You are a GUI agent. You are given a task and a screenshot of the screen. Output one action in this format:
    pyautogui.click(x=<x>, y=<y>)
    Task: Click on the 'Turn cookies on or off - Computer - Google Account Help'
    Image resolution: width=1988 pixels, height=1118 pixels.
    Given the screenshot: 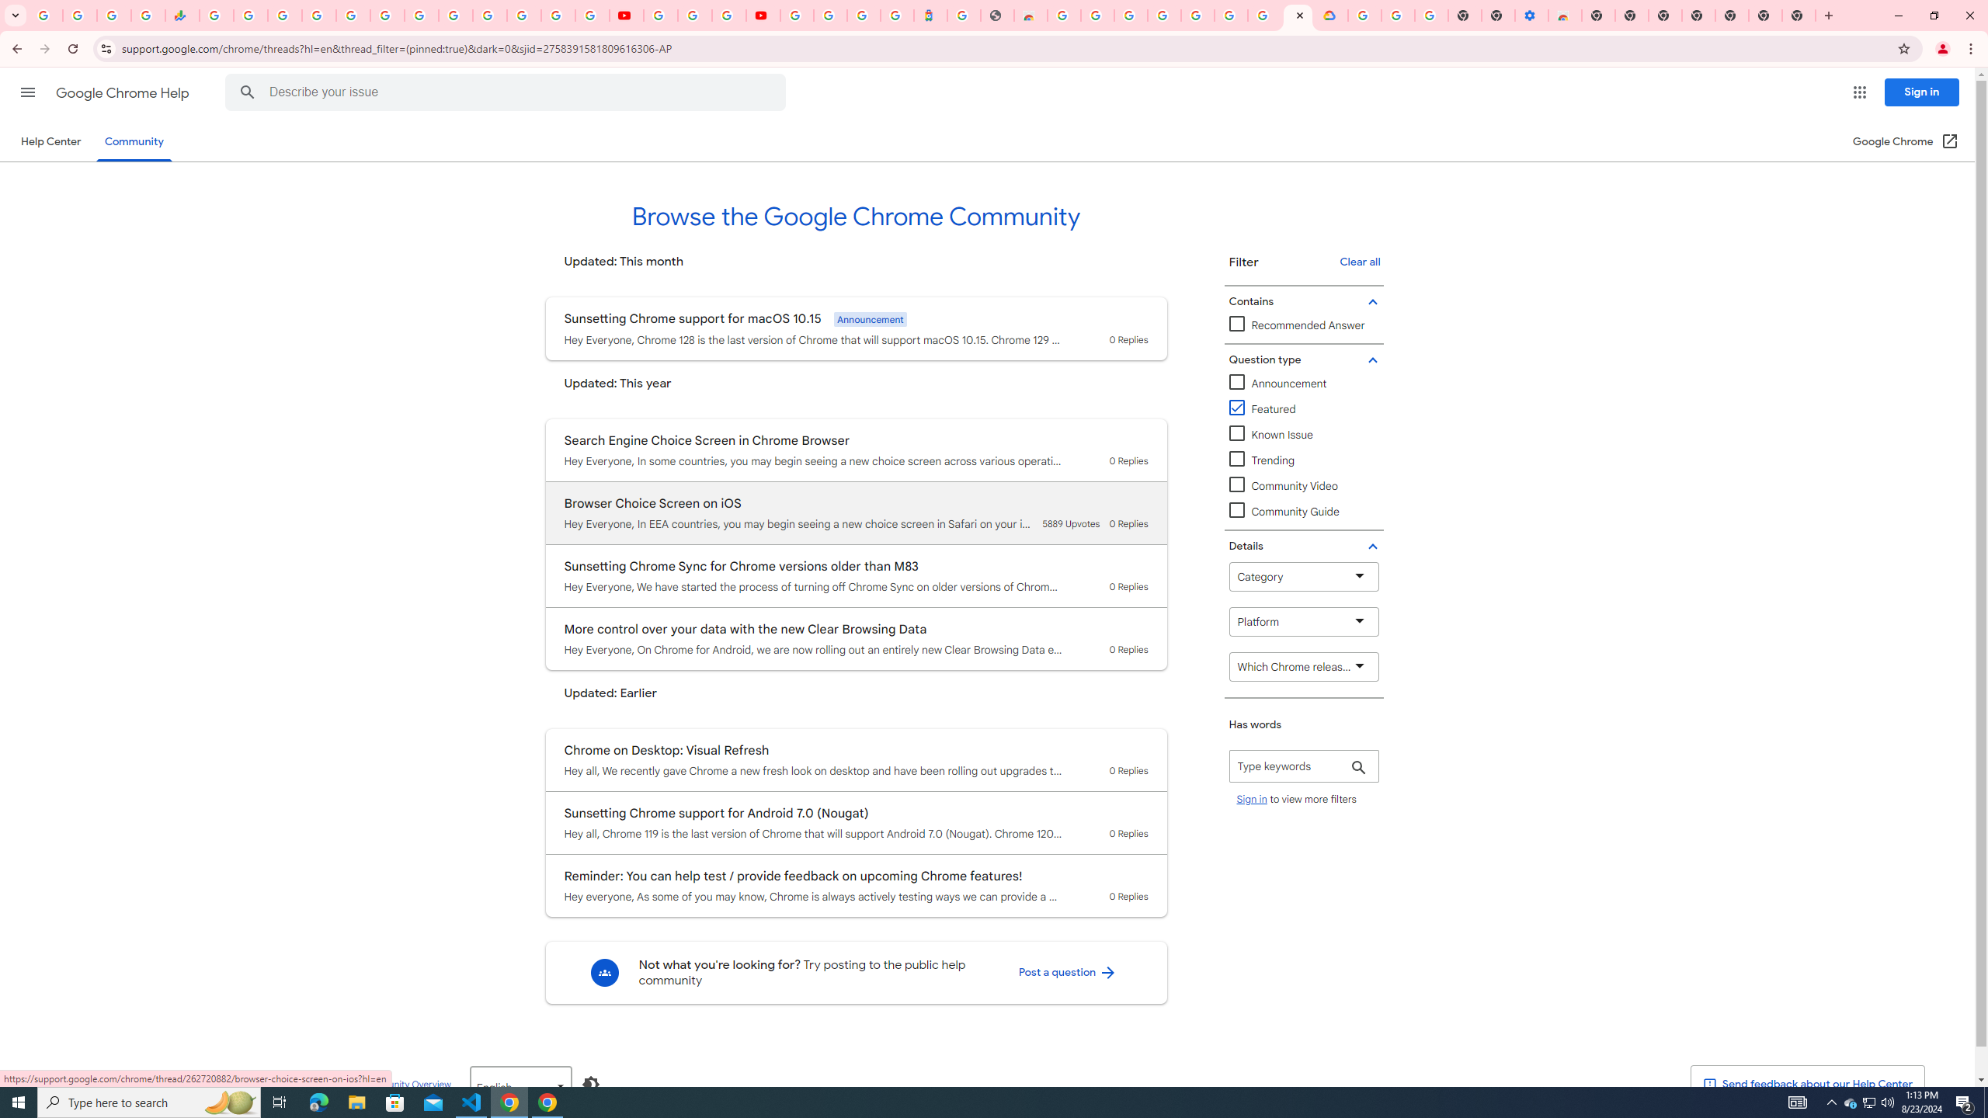 What is the action you would take?
    pyautogui.click(x=1430, y=15)
    